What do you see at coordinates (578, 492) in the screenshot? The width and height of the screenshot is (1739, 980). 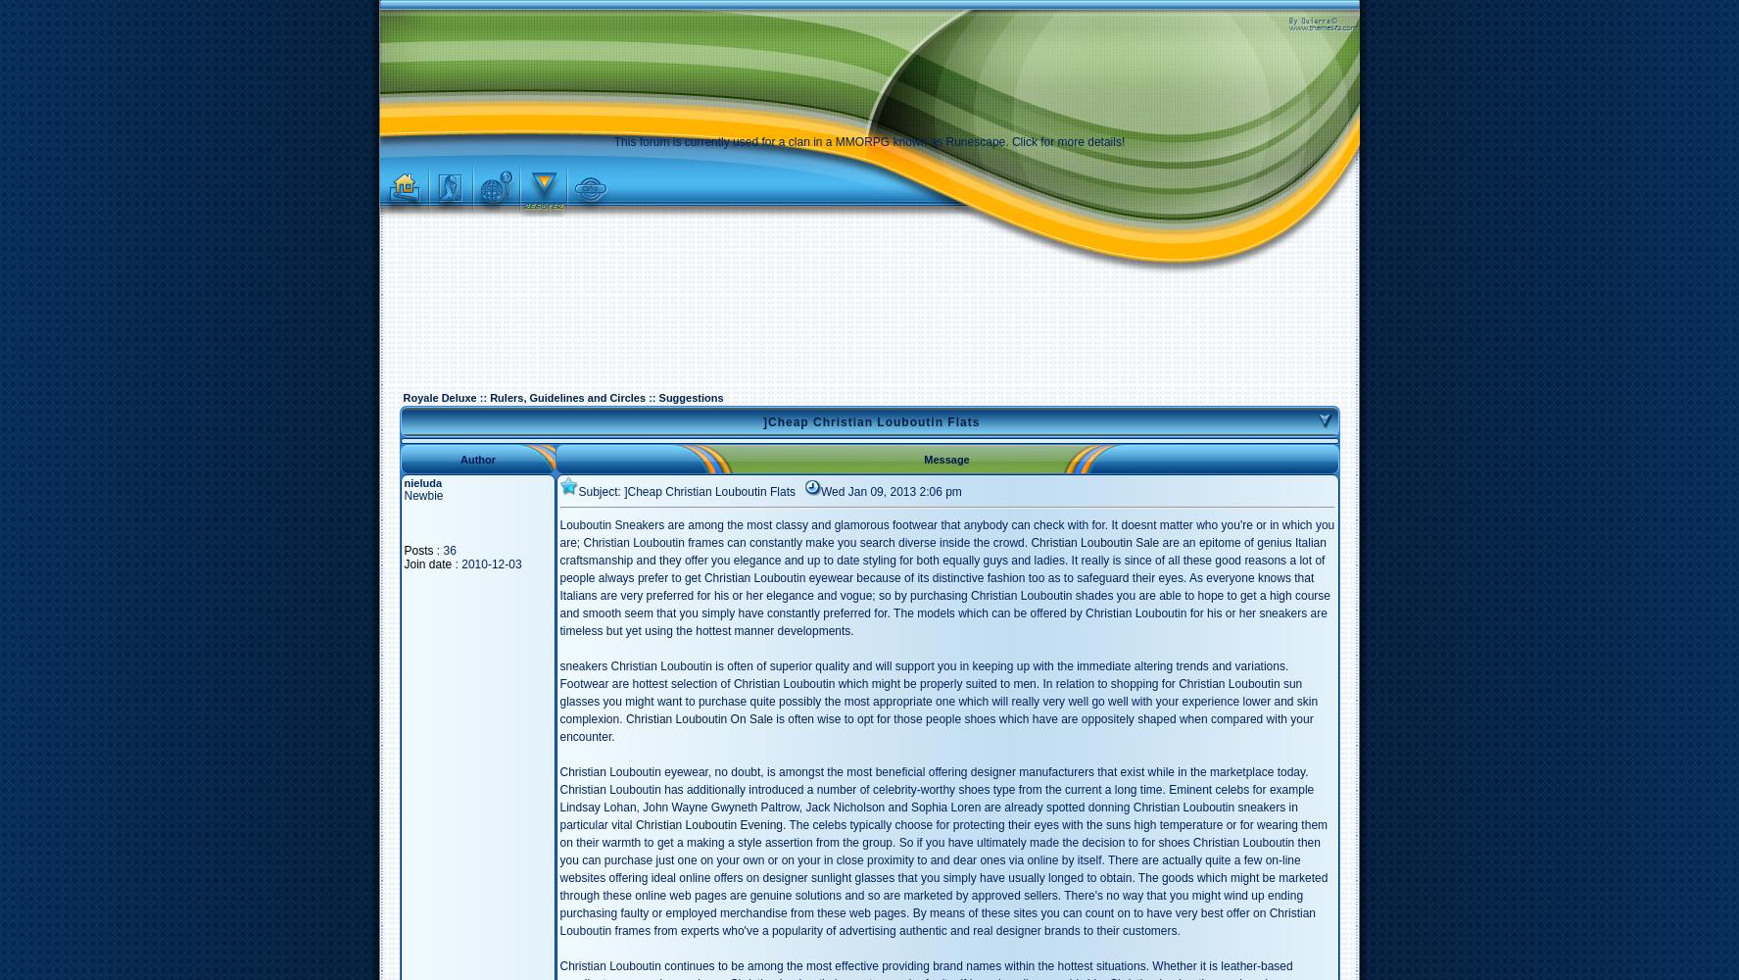 I see `'Subject: ]Cheap Christian Louboutin Flats'` at bounding box center [578, 492].